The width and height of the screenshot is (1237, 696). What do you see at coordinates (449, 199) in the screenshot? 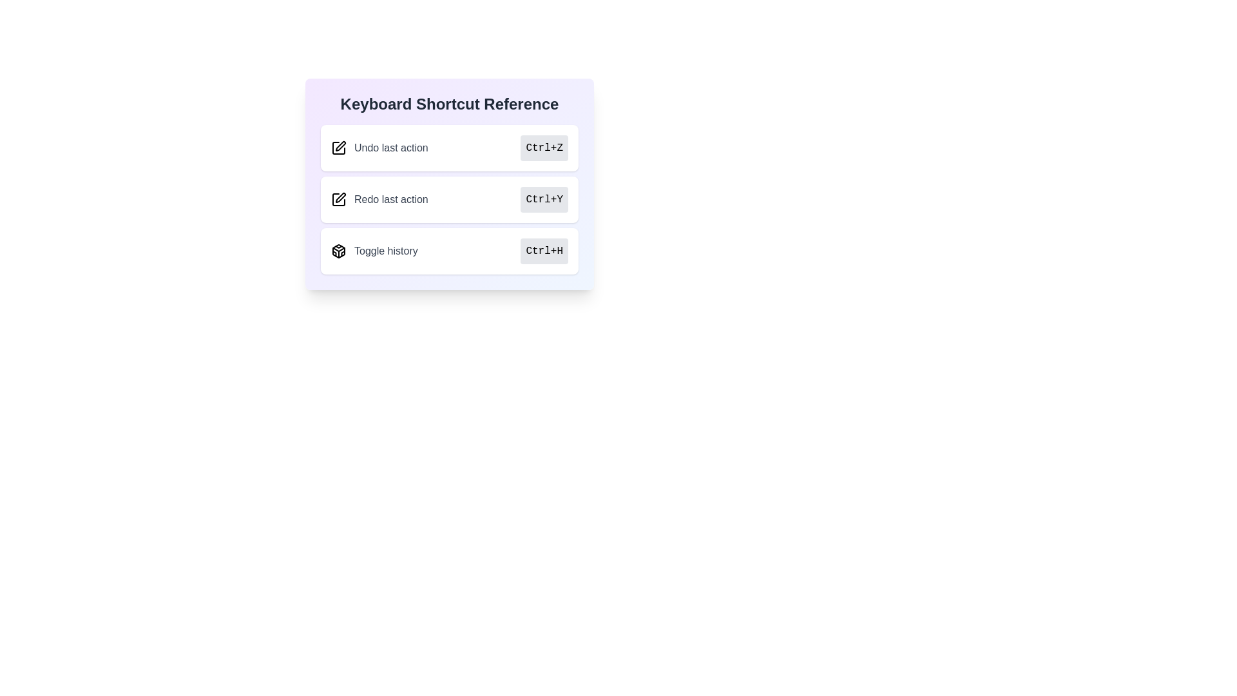
I see `the second list item in the 'Keyboard Shortcut Reference' component which displays the keyboard shortcut for redoing the last action` at bounding box center [449, 199].